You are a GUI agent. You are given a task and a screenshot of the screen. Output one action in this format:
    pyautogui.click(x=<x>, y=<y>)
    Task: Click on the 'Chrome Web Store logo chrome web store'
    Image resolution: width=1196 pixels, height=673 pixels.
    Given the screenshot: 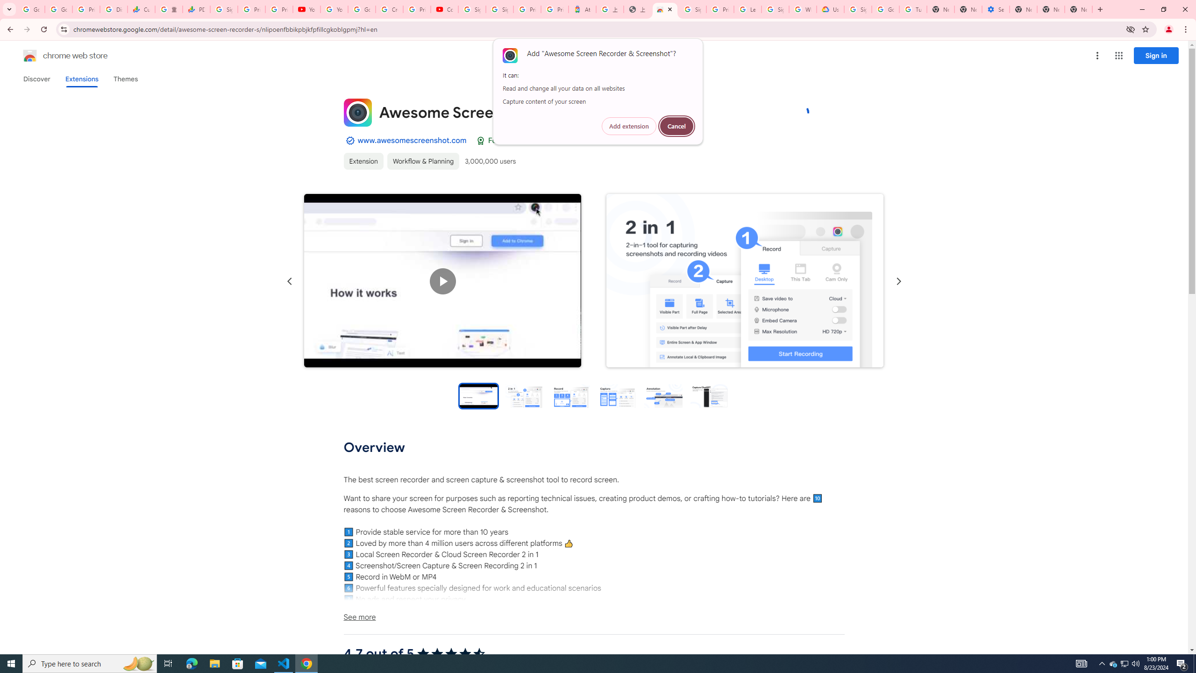 What is the action you would take?
    pyautogui.click(x=55, y=55)
    